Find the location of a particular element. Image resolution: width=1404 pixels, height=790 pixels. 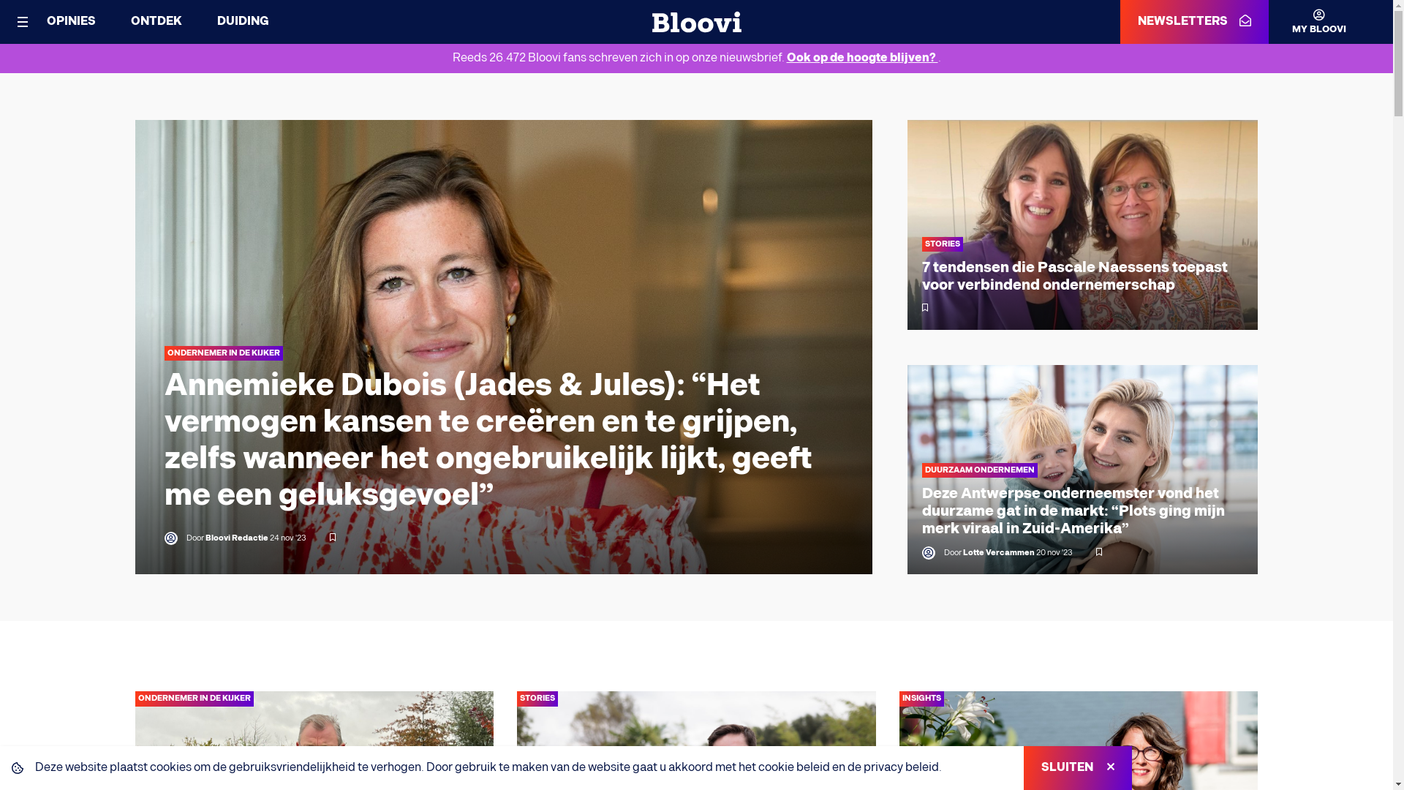

'NEWSLETTERS' is located at coordinates (1194, 22).